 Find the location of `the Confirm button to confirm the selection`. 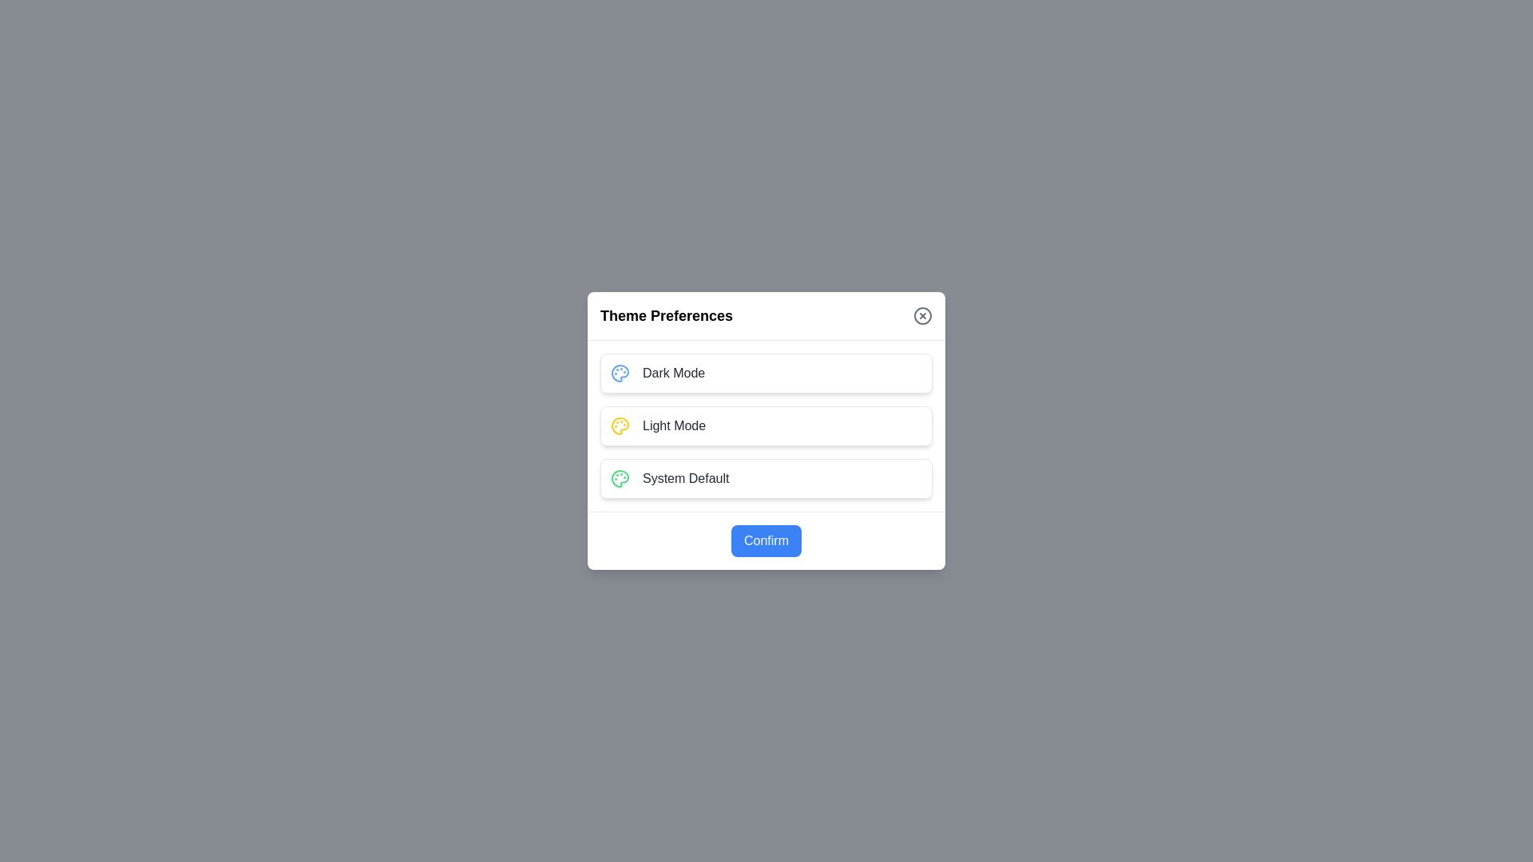

the Confirm button to confirm the selection is located at coordinates (766, 540).